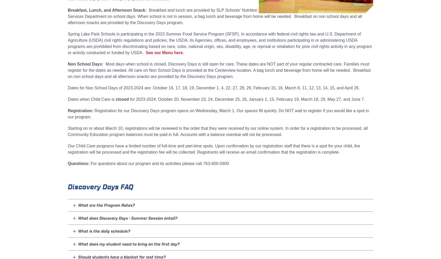 The width and height of the screenshot is (441, 259). I want to click on 'Registration:', so click(80, 111).